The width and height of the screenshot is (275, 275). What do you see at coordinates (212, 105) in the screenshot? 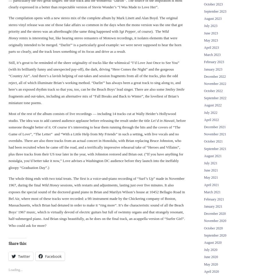
I see `'August 2022'` at bounding box center [212, 105].